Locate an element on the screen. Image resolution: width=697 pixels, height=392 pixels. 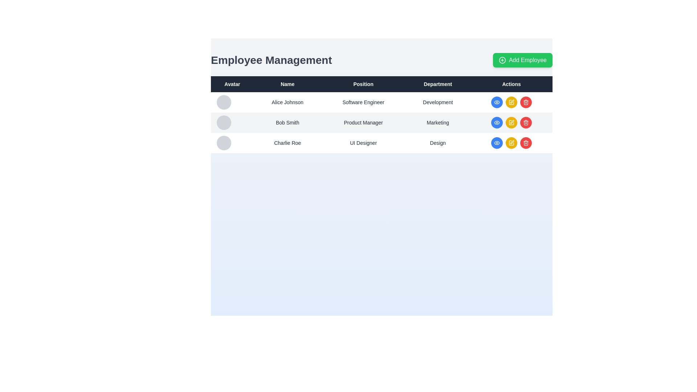
the Icon button located in the 'Actions' column of the second row of the table is located at coordinates (496, 122).